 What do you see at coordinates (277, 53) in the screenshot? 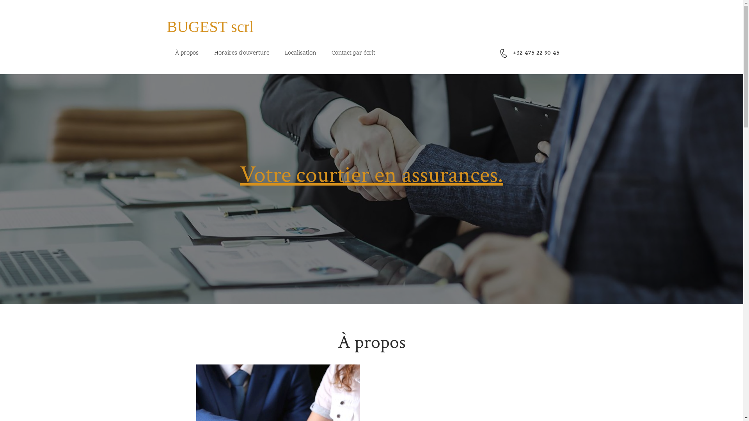
I see `'Localisation'` at bounding box center [277, 53].